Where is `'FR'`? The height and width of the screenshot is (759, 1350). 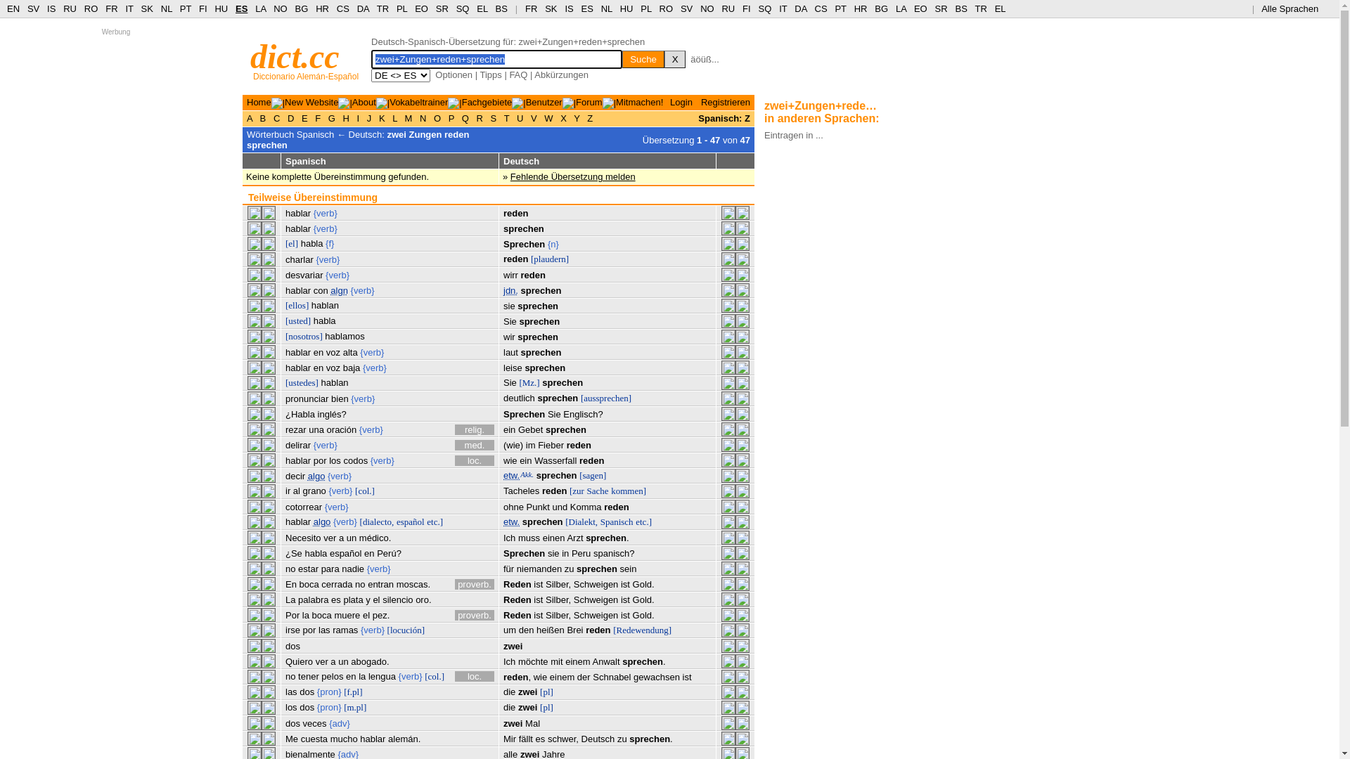
'FR' is located at coordinates (110, 8).